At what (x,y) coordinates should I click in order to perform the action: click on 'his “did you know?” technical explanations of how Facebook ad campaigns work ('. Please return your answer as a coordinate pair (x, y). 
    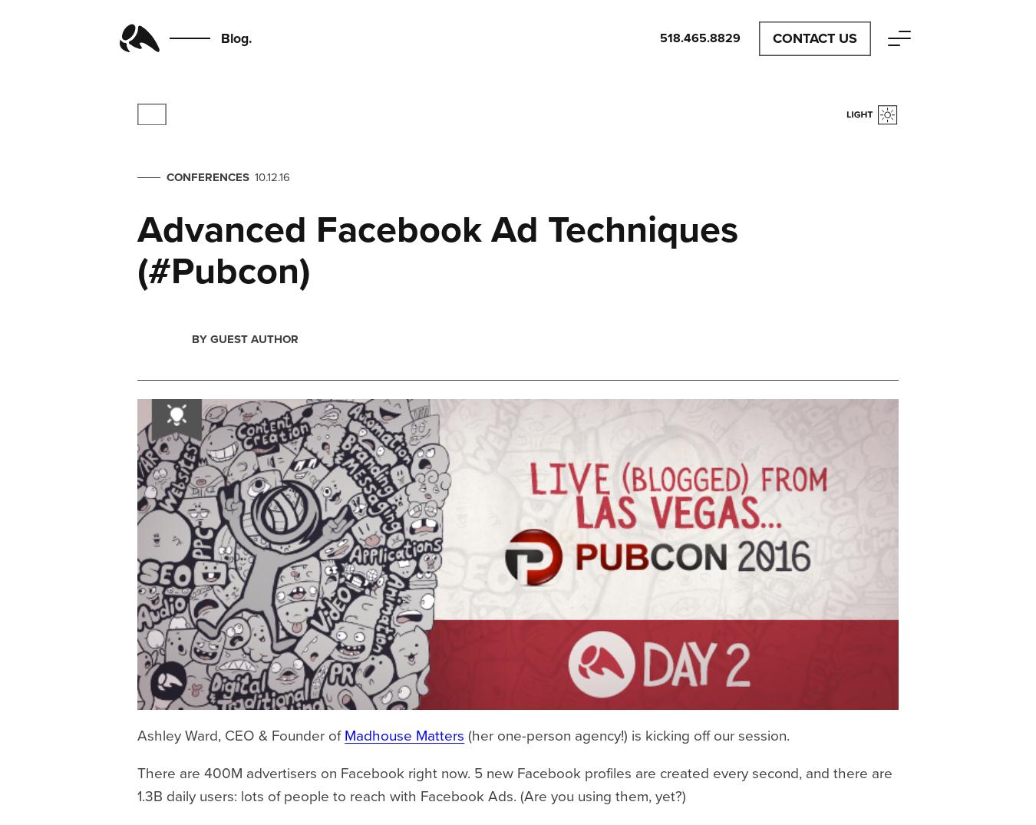
    Looking at the image, I should click on (541, 298).